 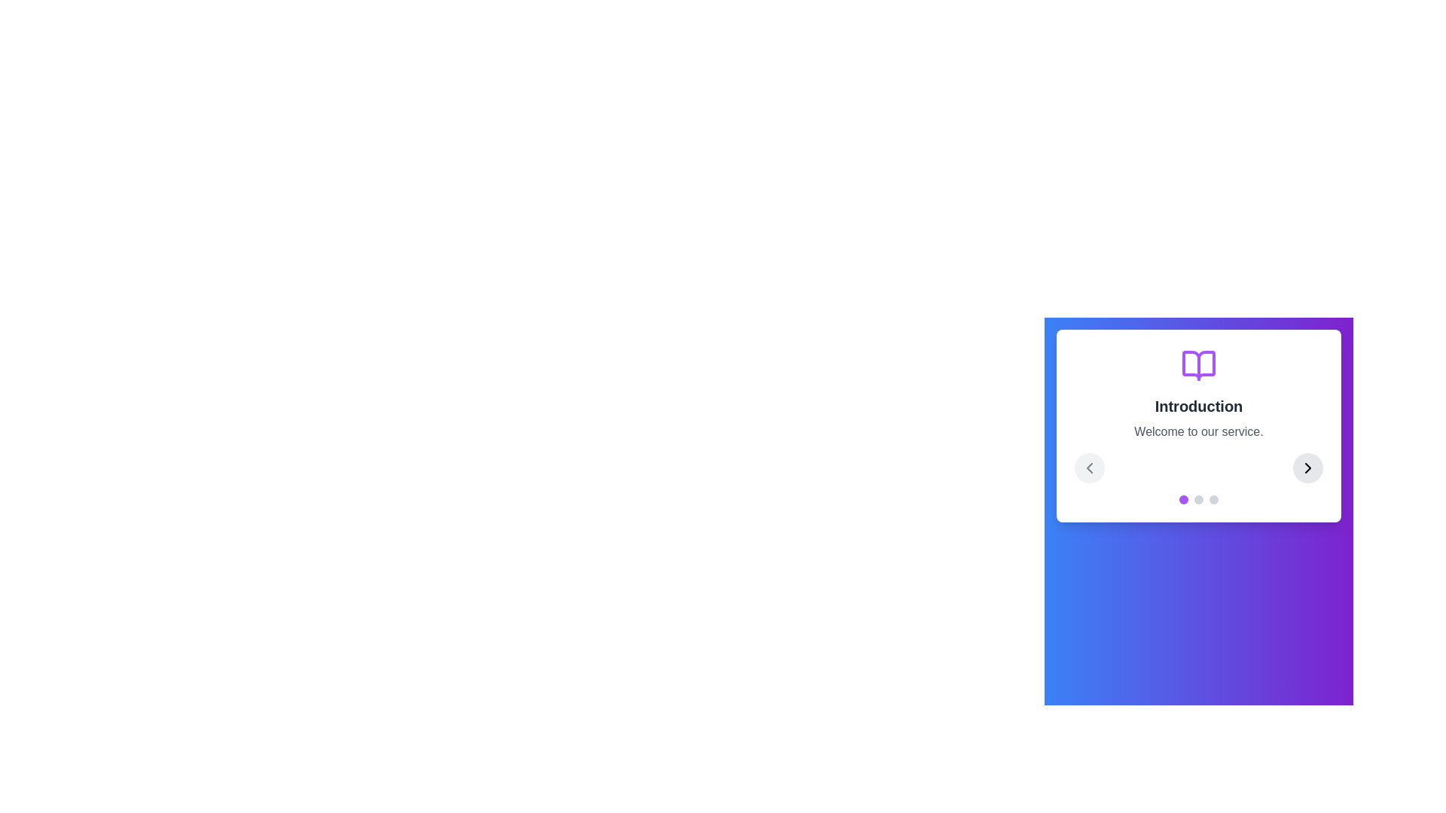 What do you see at coordinates (1307, 467) in the screenshot?
I see `the right arrow button to navigate to the next step` at bounding box center [1307, 467].